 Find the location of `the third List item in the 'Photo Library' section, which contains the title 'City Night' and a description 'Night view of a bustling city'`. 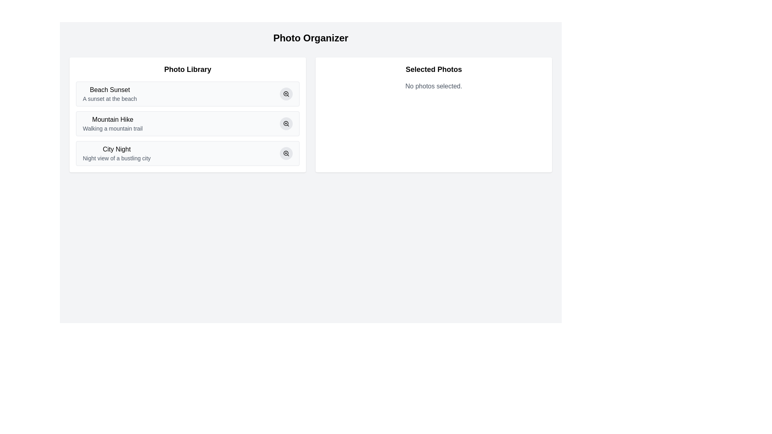

the third List item in the 'Photo Library' section, which contains the title 'City Night' and a description 'Night view of a bustling city' is located at coordinates (116, 153).